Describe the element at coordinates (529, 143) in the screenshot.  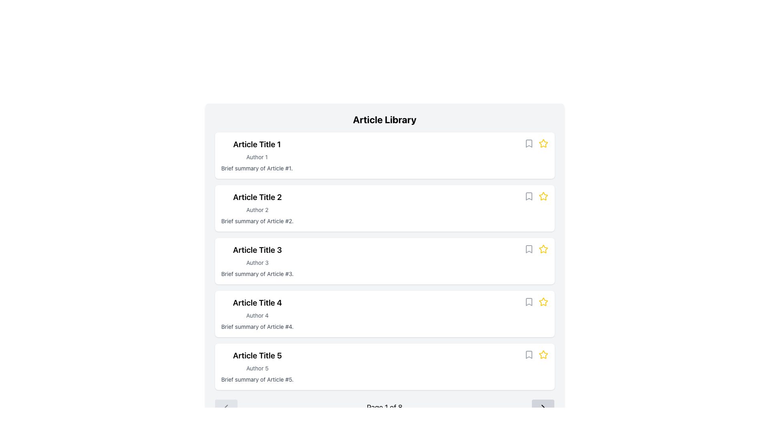
I see `the bookmark status icon located in the top-right corner of the first article card` at that location.